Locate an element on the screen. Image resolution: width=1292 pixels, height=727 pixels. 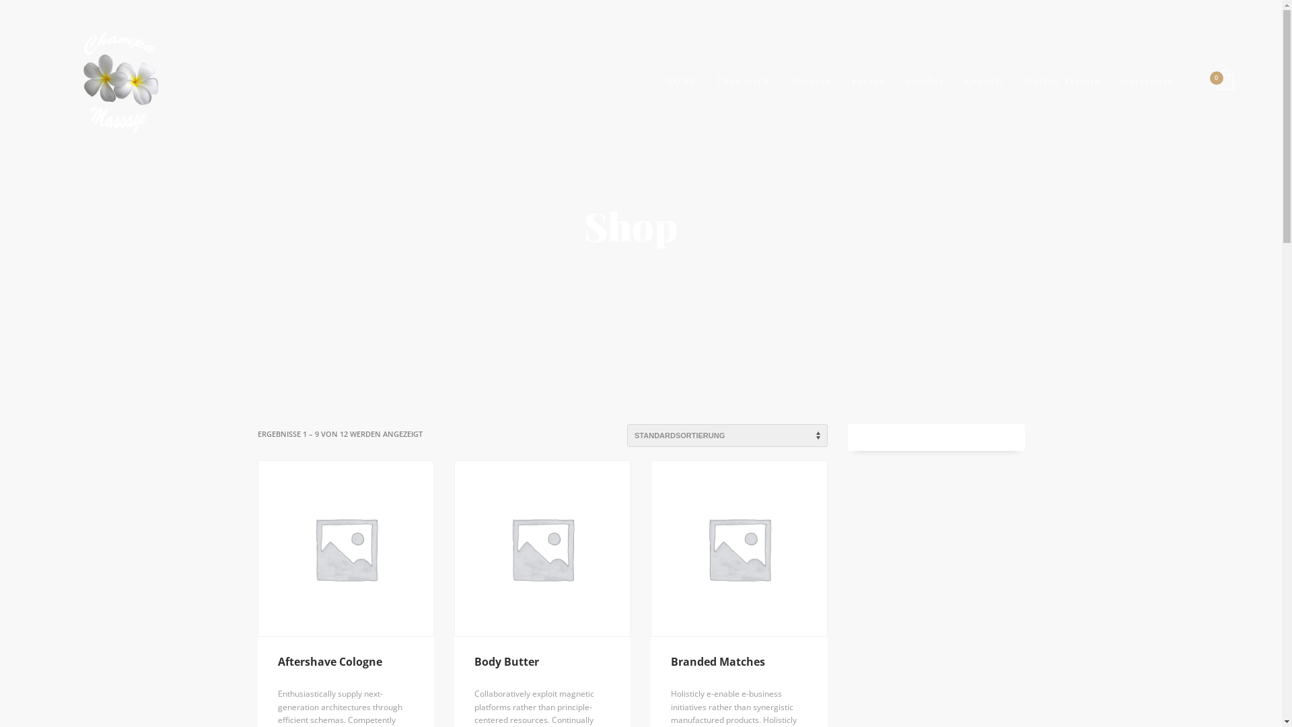
'Auftragskonto ansehen' is located at coordinates (1209, 80).